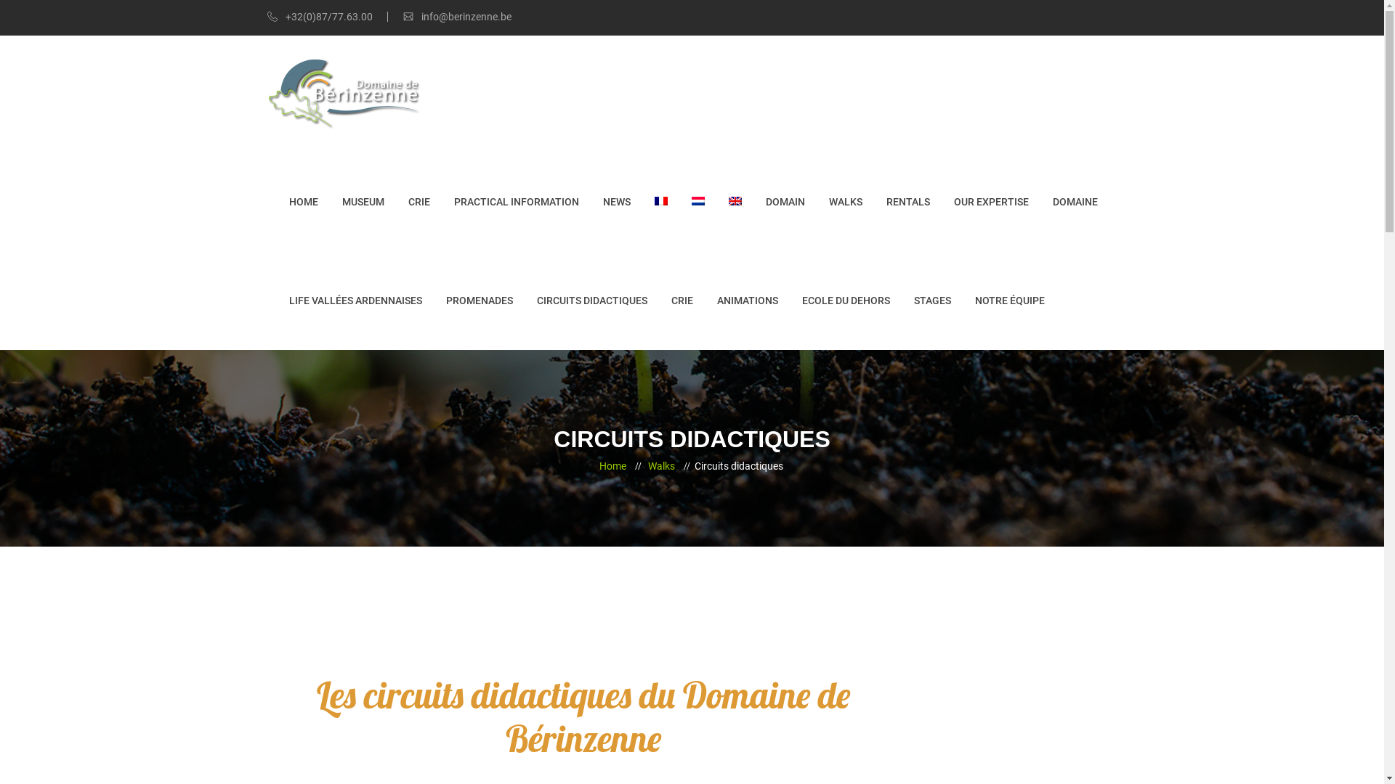  What do you see at coordinates (302, 201) in the screenshot?
I see `'HOME'` at bounding box center [302, 201].